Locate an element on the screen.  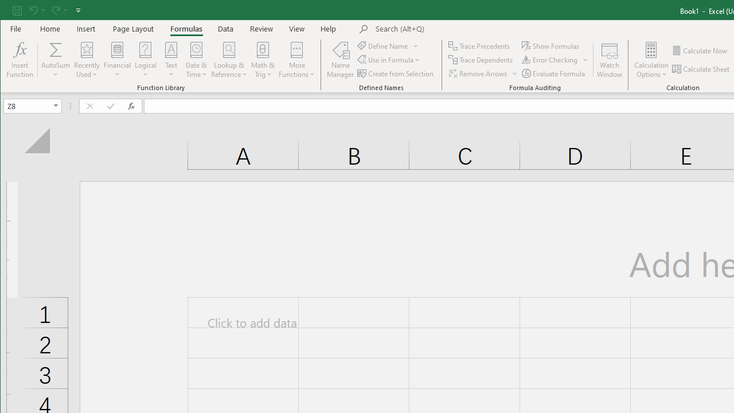
'Calculate Now' is located at coordinates (700, 50).